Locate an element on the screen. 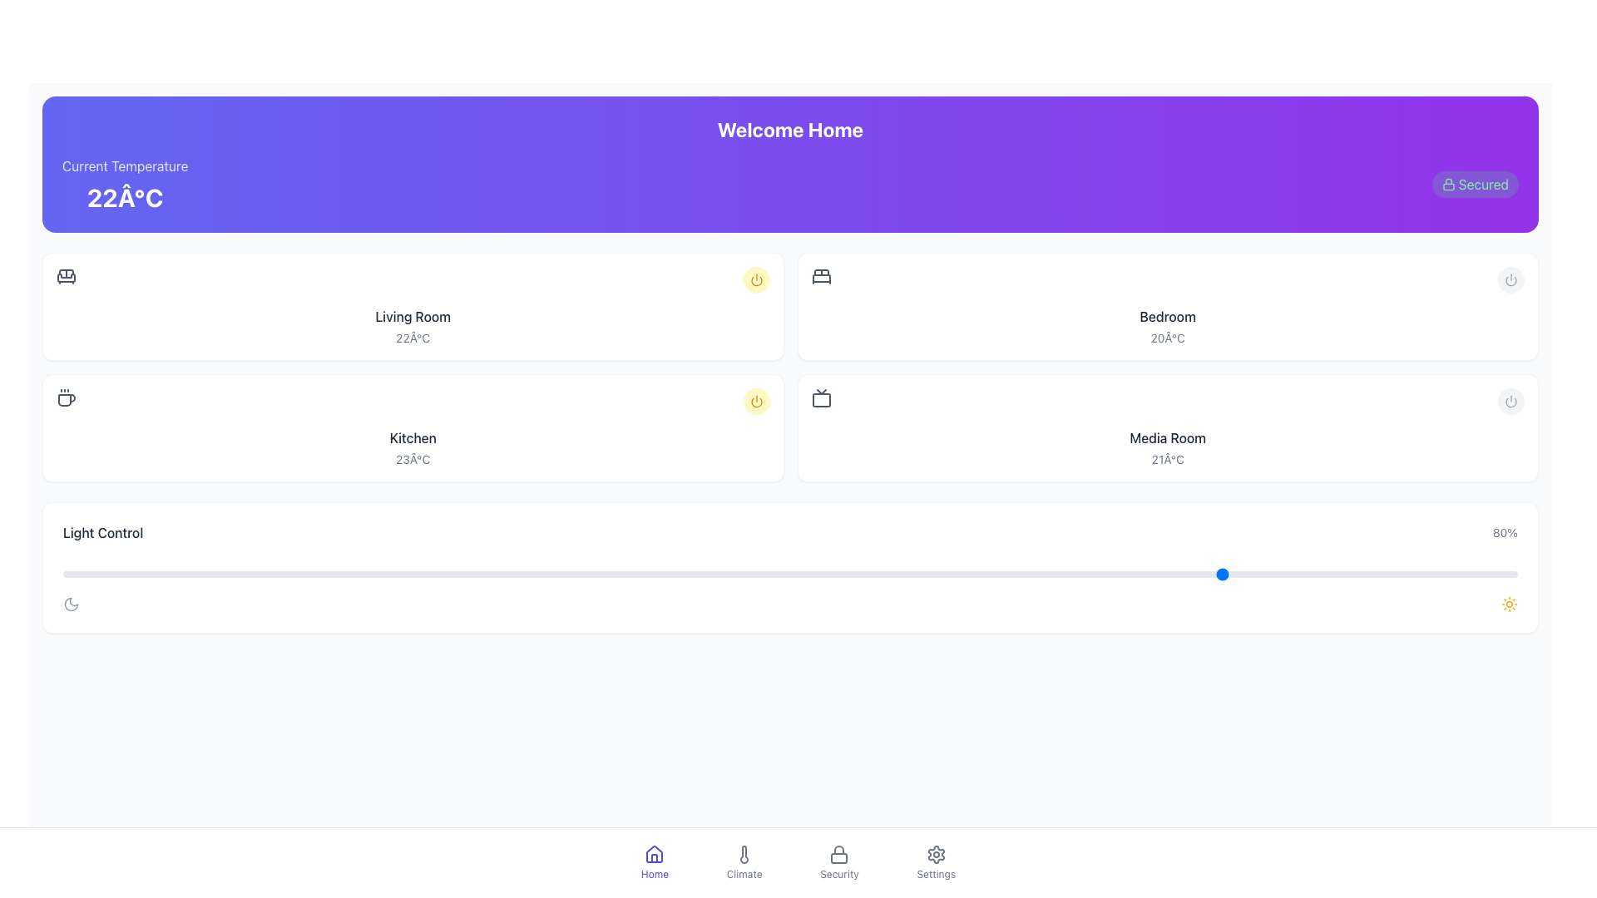  the toggle button located in the top-right portion of the 'Living Room' section is located at coordinates (755, 279).